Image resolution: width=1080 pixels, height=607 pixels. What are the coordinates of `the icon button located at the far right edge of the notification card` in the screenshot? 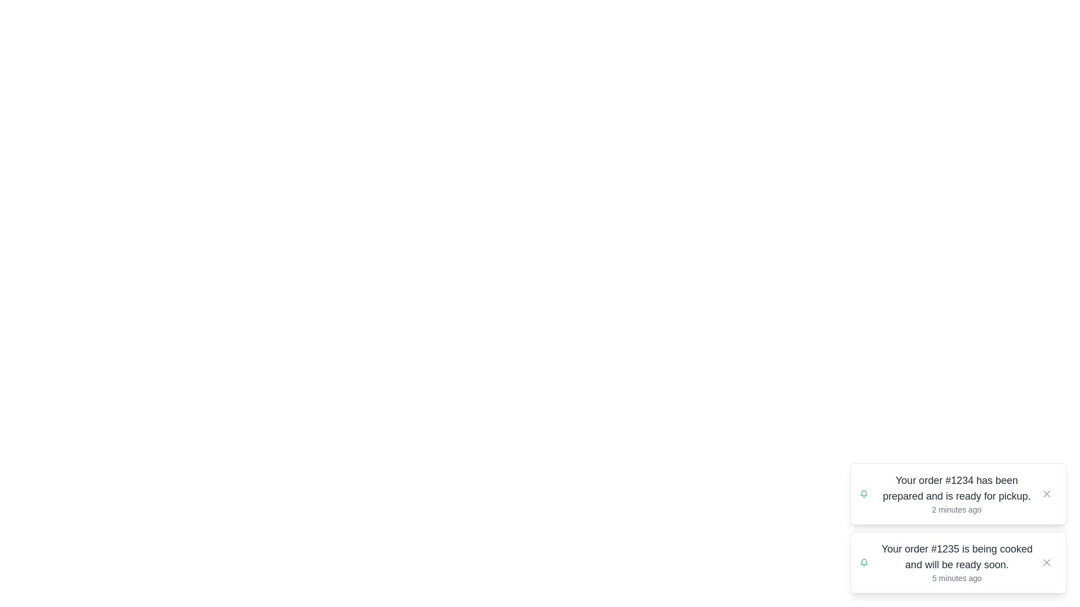 It's located at (1046, 493).